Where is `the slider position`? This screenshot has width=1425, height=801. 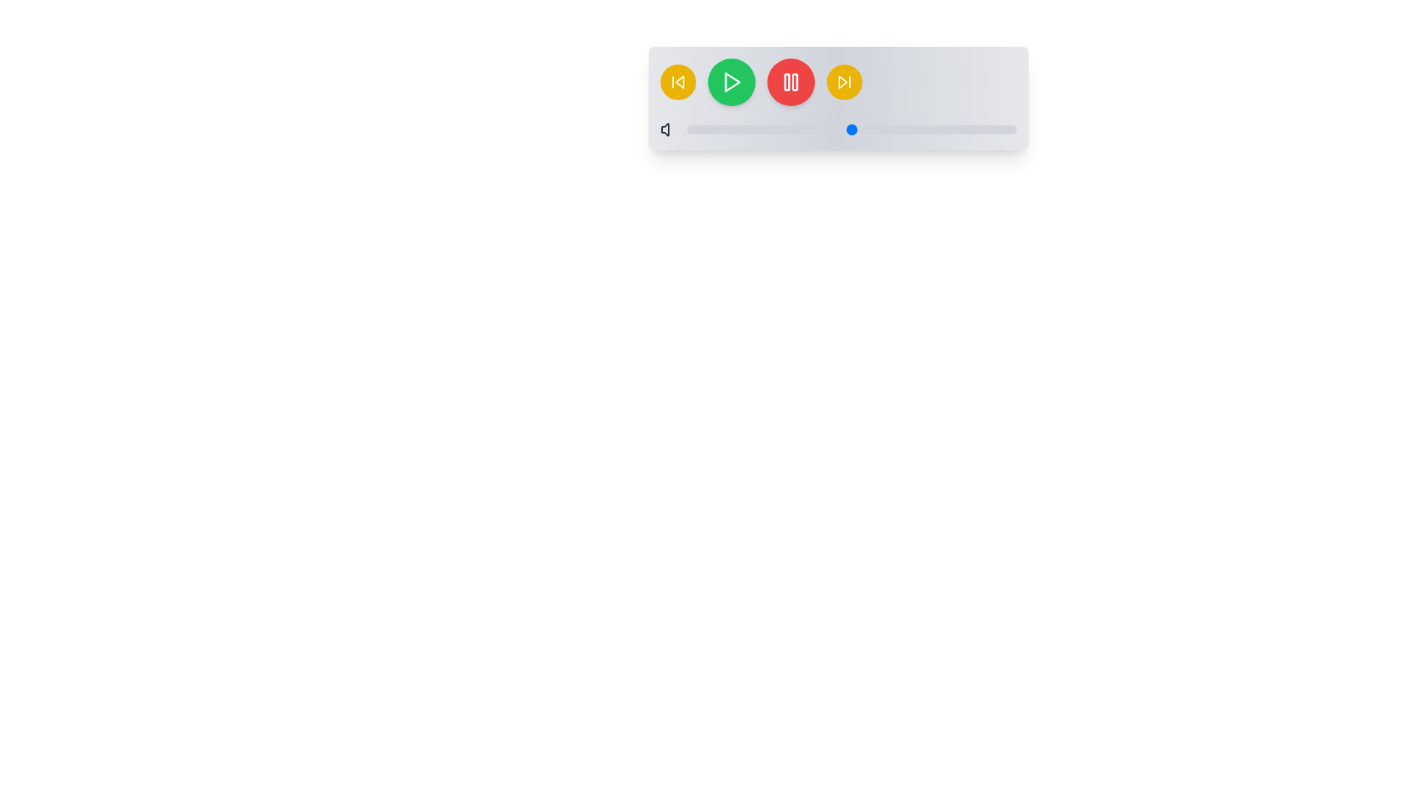 the slider position is located at coordinates (769, 128).